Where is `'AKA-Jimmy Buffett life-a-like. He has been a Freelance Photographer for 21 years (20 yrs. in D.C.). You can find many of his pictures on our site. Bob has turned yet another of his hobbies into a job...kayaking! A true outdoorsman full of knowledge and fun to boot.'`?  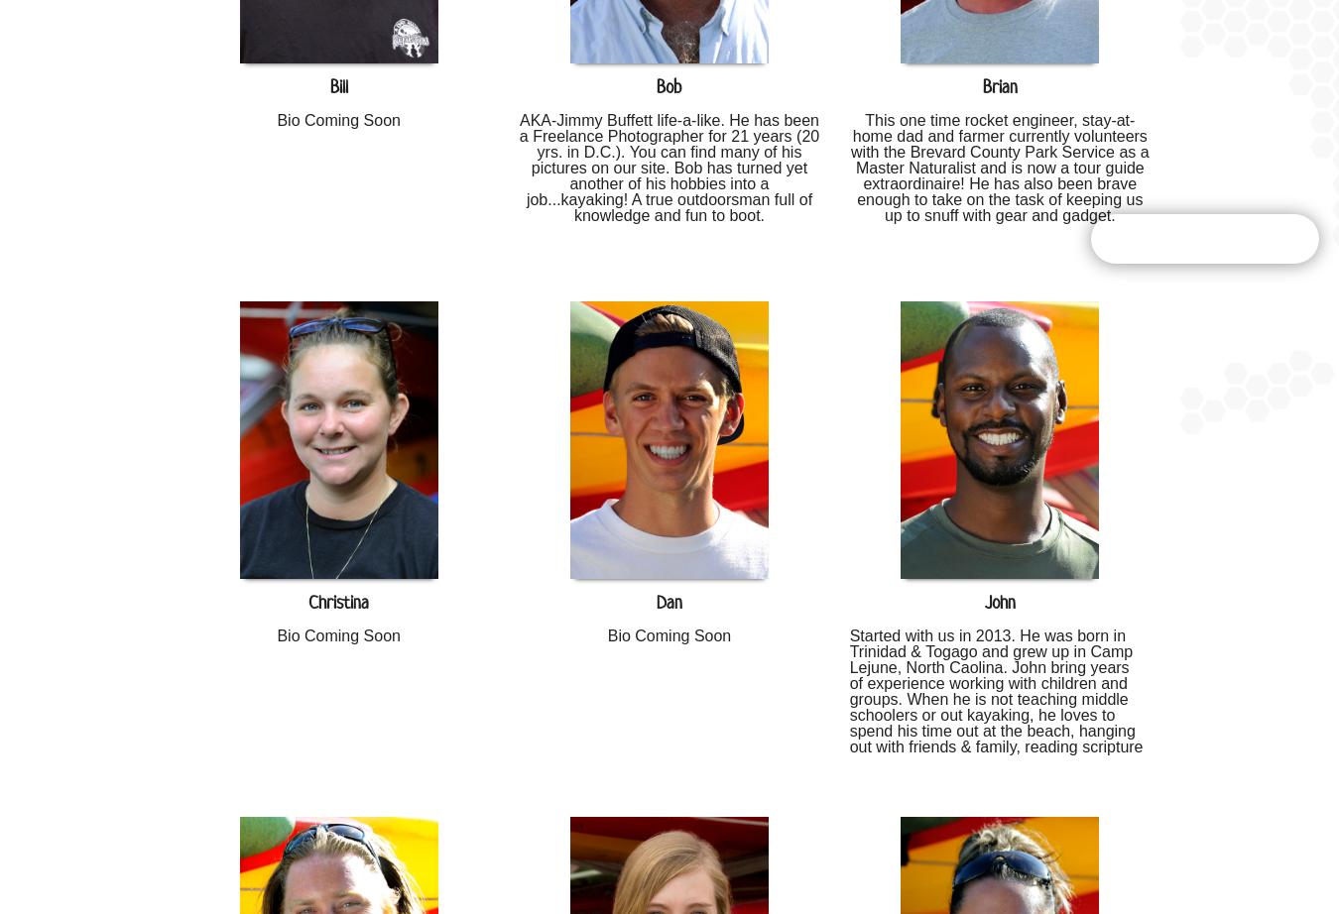 'AKA-Jimmy Buffett life-a-like. He has been a Freelance Photographer for 21 years (20 yrs. in D.C.). You can find many of his pictures on our site. Bob has turned yet another of his hobbies into a job...kayaking! A true outdoorsman full of knowledge and fun to boot.' is located at coordinates (669, 167).